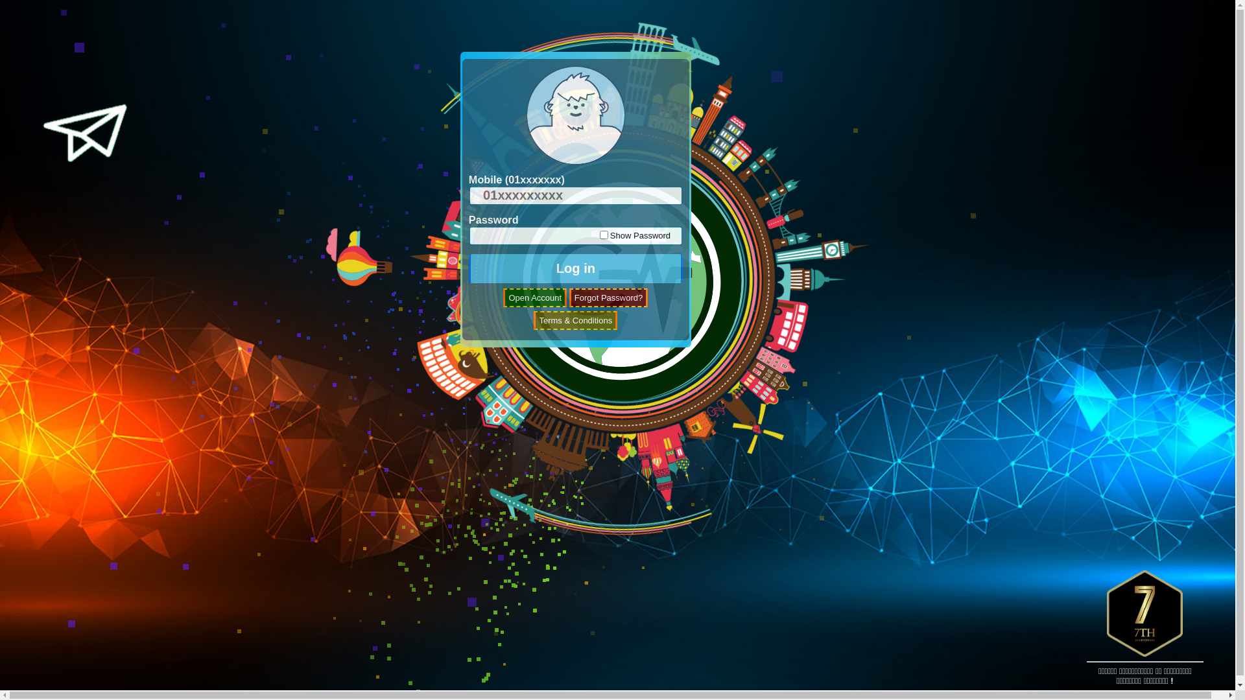 Image resolution: width=1245 pixels, height=700 pixels. I want to click on 'Terms & Conditions', so click(575, 320).